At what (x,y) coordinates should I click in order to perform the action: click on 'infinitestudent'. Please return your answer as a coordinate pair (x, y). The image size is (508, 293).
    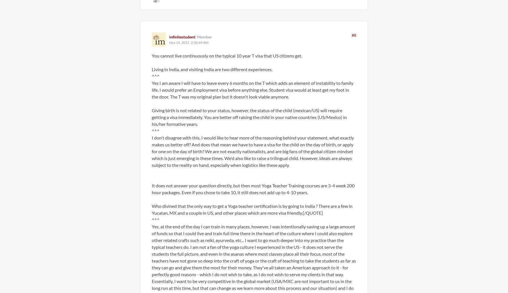
    Looking at the image, I should click on (182, 36).